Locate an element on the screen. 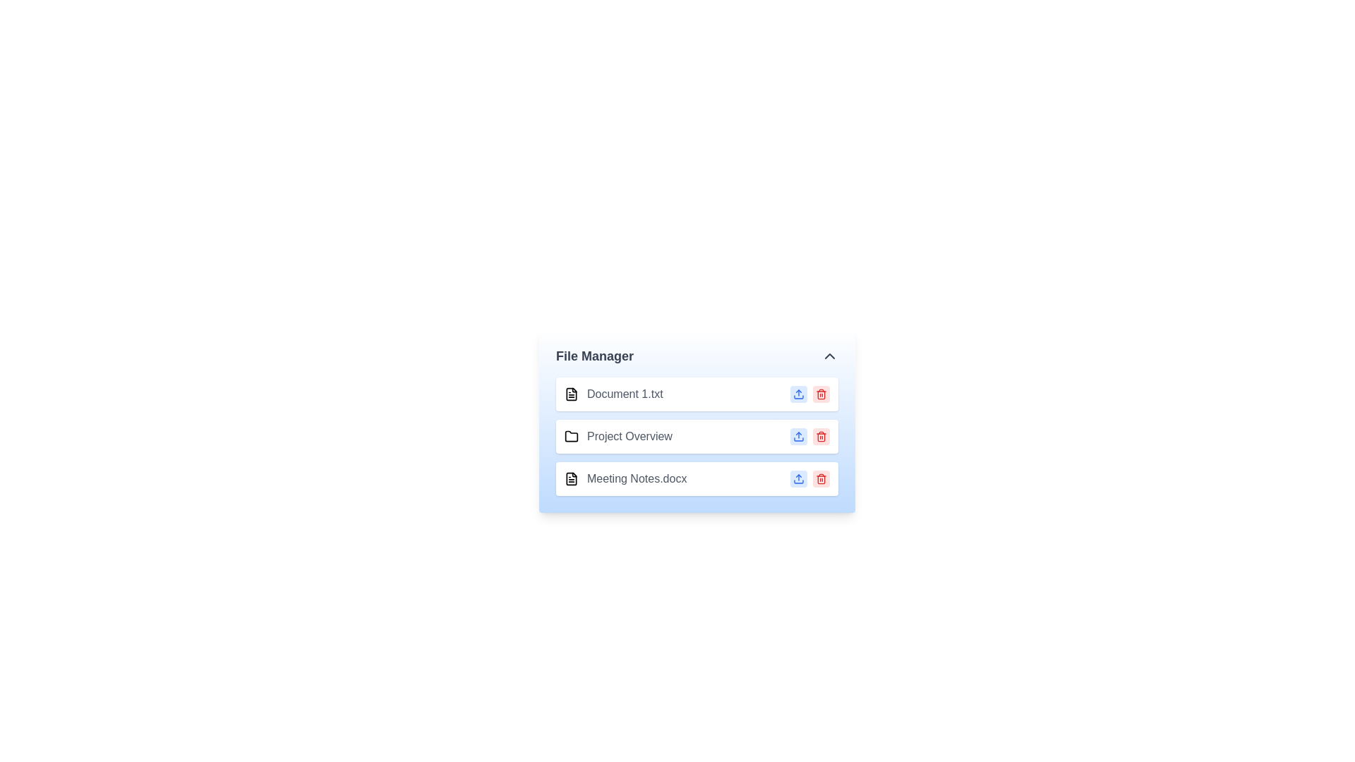 The width and height of the screenshot is (1355, 762). the item Meeting Notes.docx from the list is located at coordinates (625, 478).